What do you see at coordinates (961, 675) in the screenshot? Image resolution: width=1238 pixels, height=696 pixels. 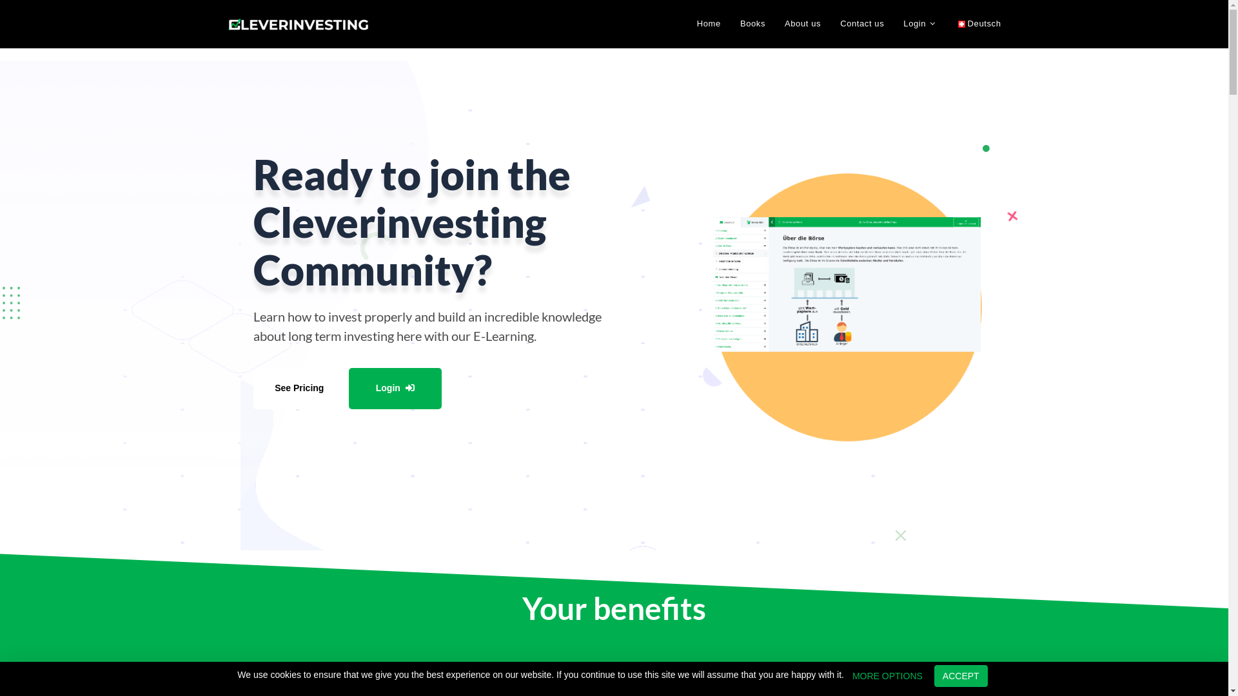 I see `'ACCEPT'` at bounding box center [961, 675].